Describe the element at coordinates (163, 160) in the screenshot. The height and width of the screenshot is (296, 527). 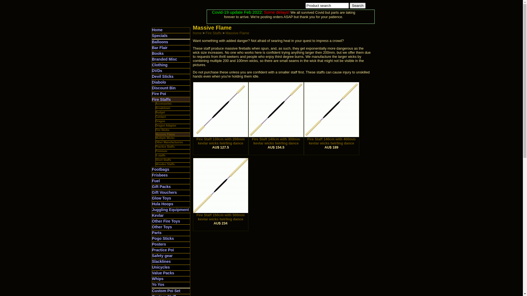
I see `'Short Staffs'` at that location.